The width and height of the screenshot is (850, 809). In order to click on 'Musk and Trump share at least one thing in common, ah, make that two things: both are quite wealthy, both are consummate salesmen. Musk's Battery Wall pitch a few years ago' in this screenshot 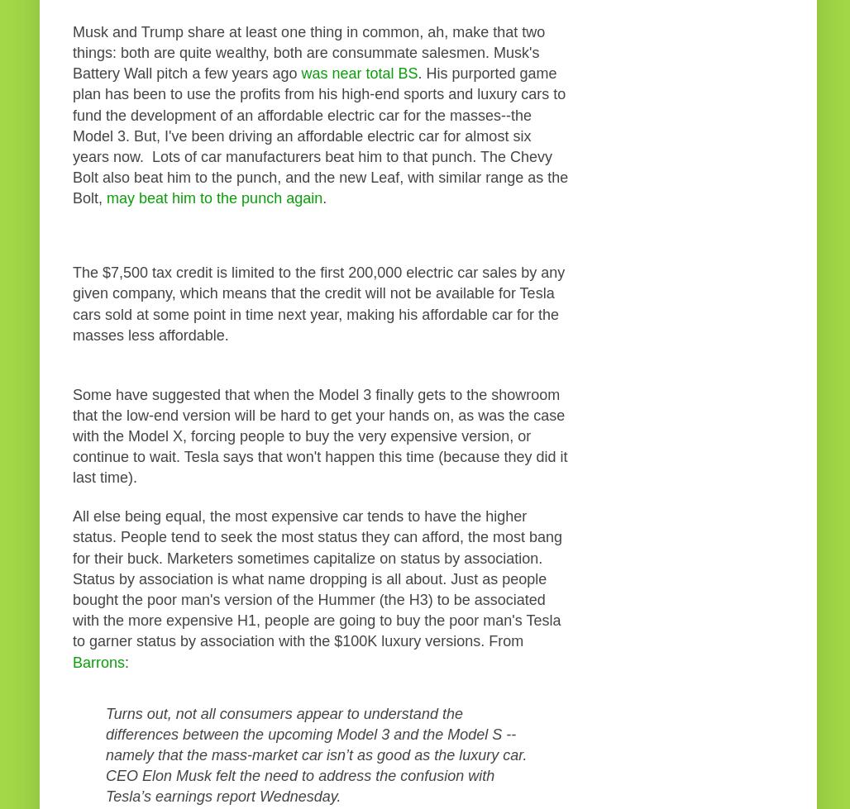, I will do `click(71, 52)`.